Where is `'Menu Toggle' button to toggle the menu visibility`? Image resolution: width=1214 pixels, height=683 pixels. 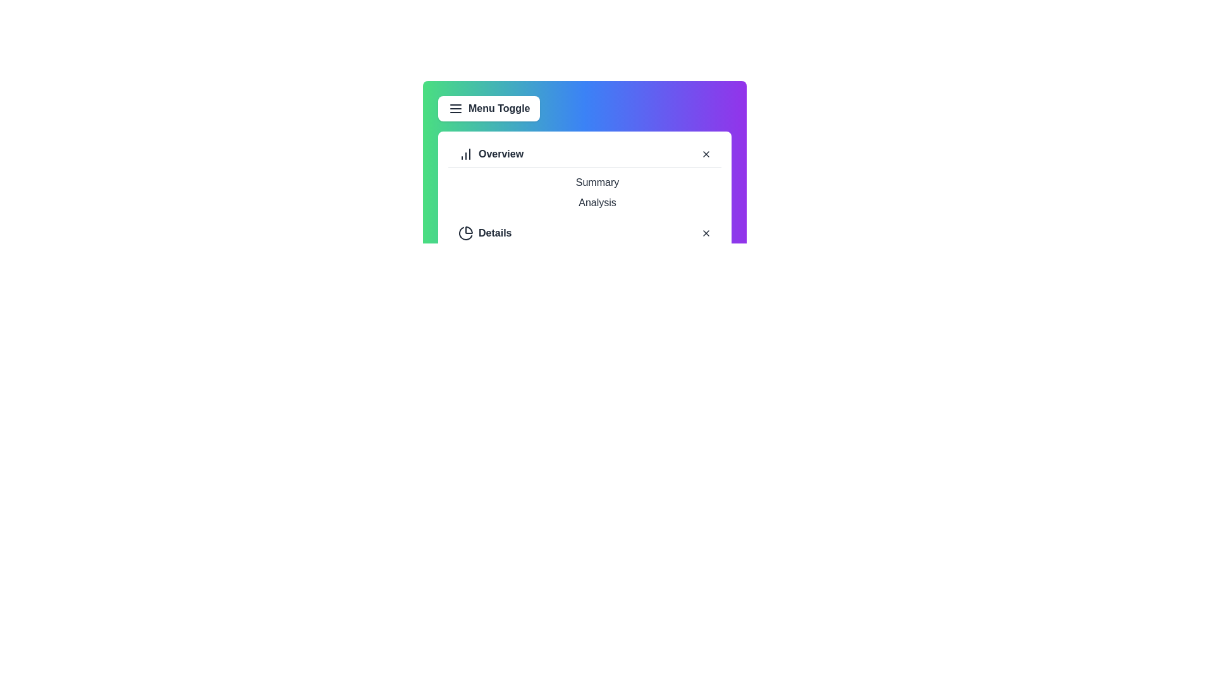 'Menu Toggle' button to toggle the menu visibility is located at coordinates (487, 108).